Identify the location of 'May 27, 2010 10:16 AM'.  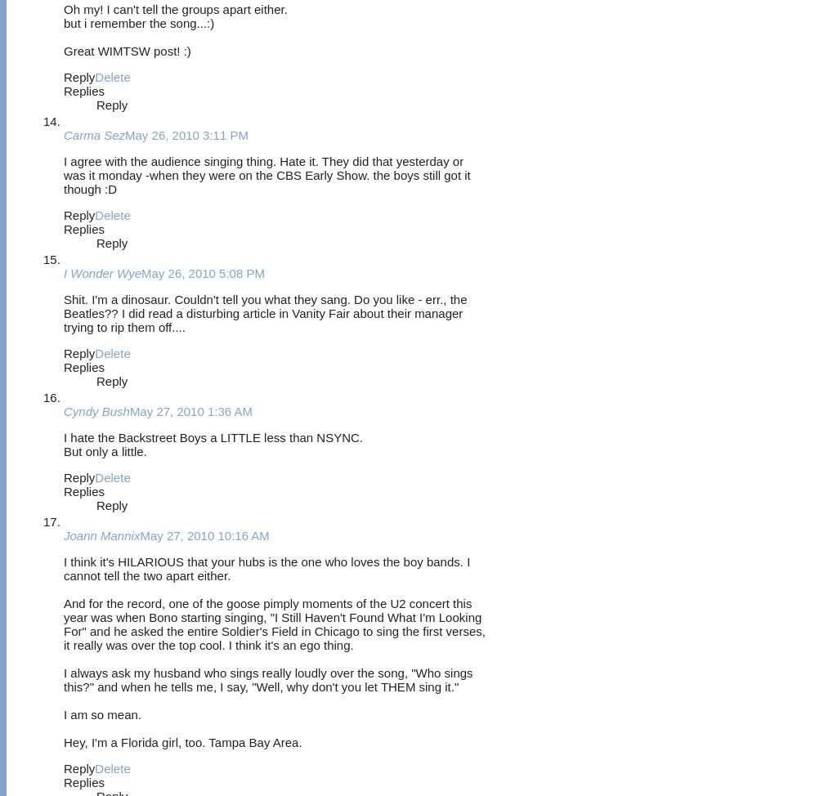
(204, 534).